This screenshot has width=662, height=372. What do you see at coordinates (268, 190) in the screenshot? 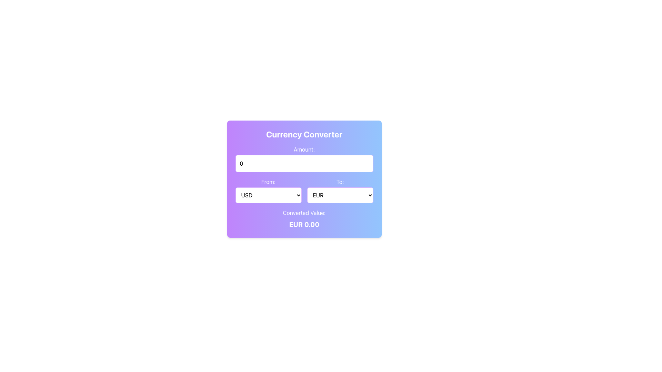
I see `the currency selection dropdown menu located below the 'From:' label to focus on it` at bounding box center [268, 190].